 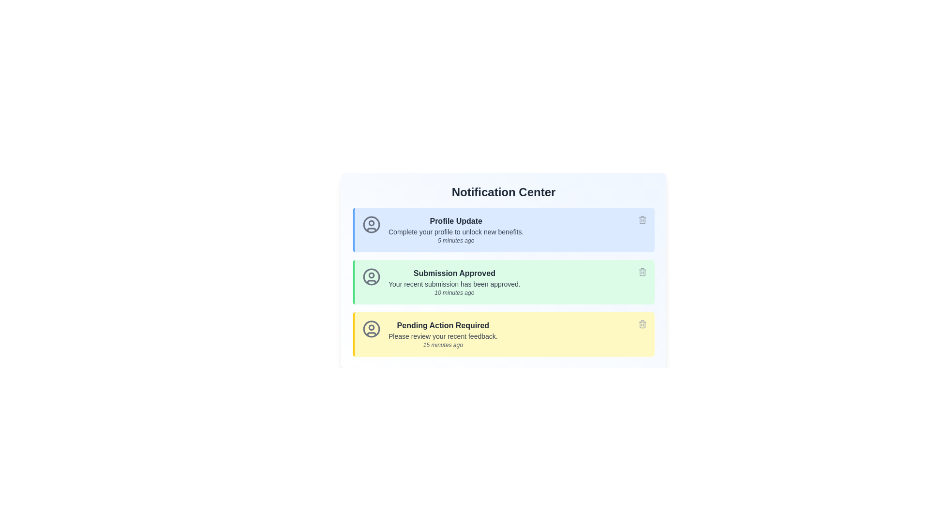 What do you see at coordinates (643, 273) in the screenshot?
I see `the clickable icon representing the deletion action` at bounding box center [643, 273].